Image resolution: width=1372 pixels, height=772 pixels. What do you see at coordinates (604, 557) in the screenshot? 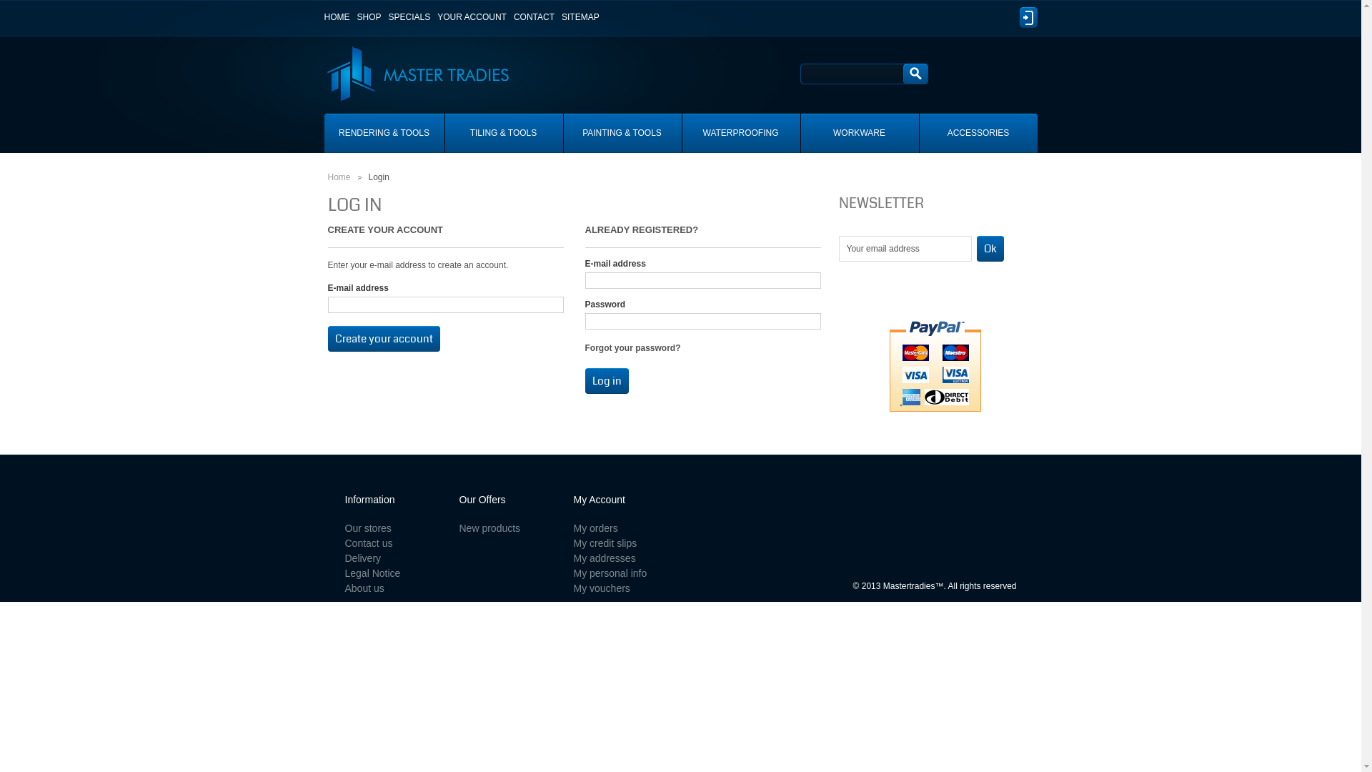
I see `'My addresses'` at bounding box center [604, 557].